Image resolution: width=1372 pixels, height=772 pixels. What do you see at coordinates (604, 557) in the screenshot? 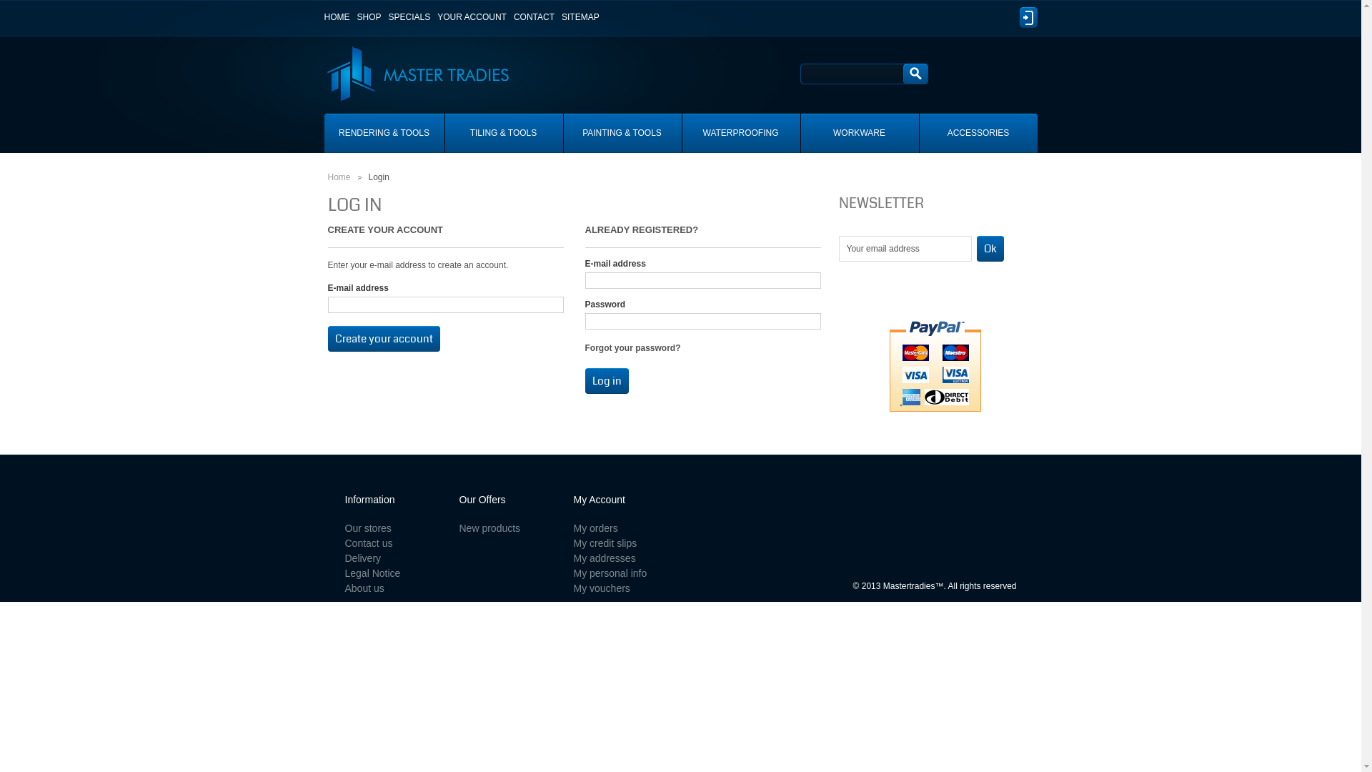
I see `'My addresses'` at bounding box center [604, 557].